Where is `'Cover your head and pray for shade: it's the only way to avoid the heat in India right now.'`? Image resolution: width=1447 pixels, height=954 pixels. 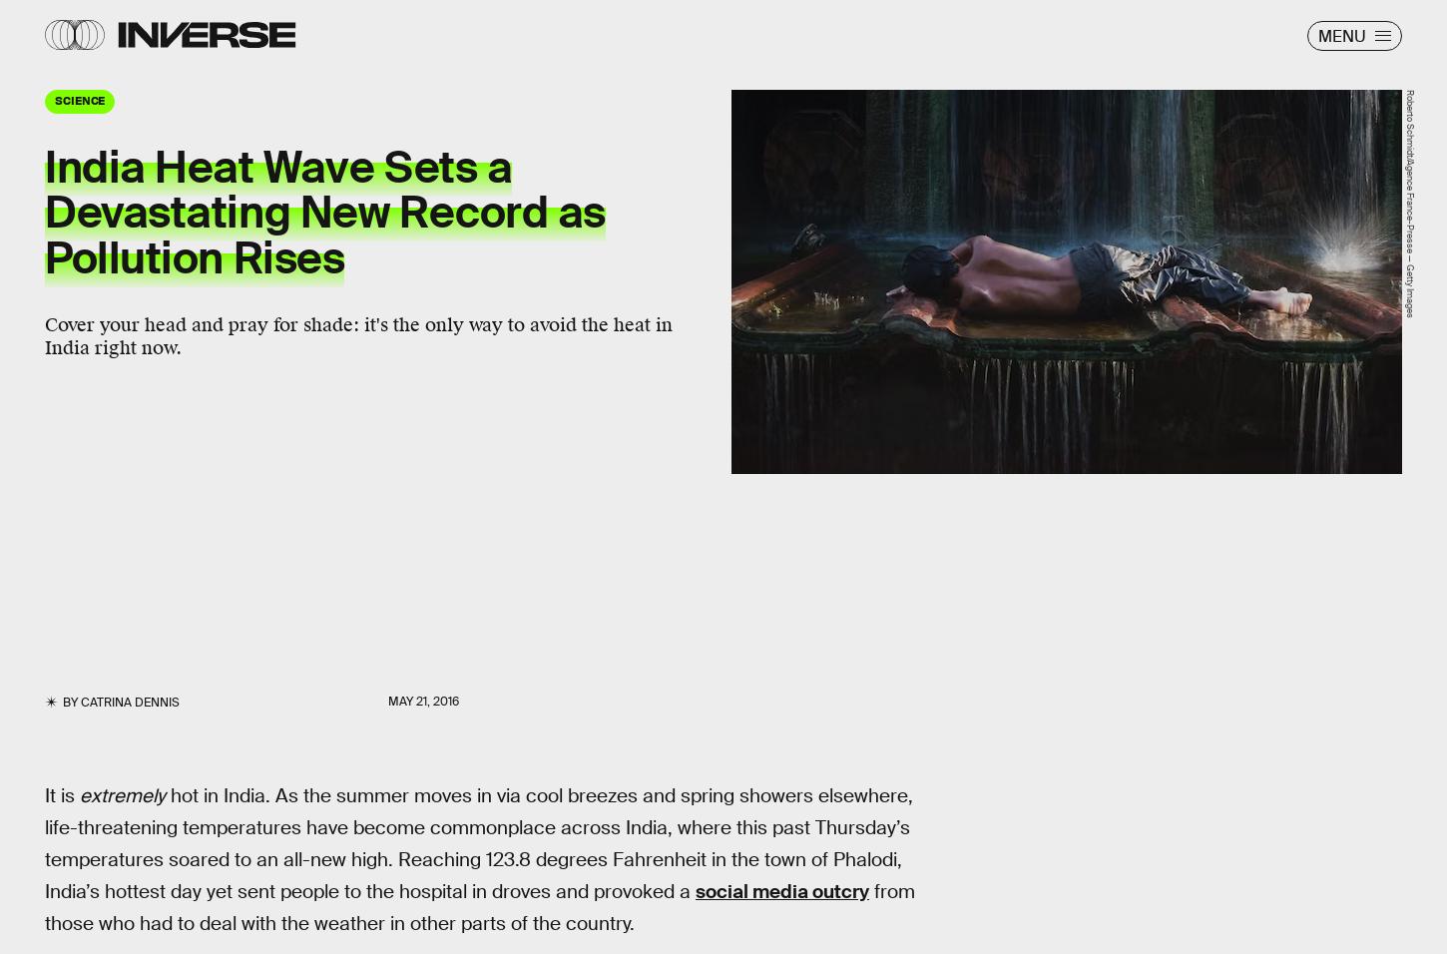 'Cover your head and pray for shade: it's the only way to avoid the heat in India right now.' is located at coordinates (358, 334).